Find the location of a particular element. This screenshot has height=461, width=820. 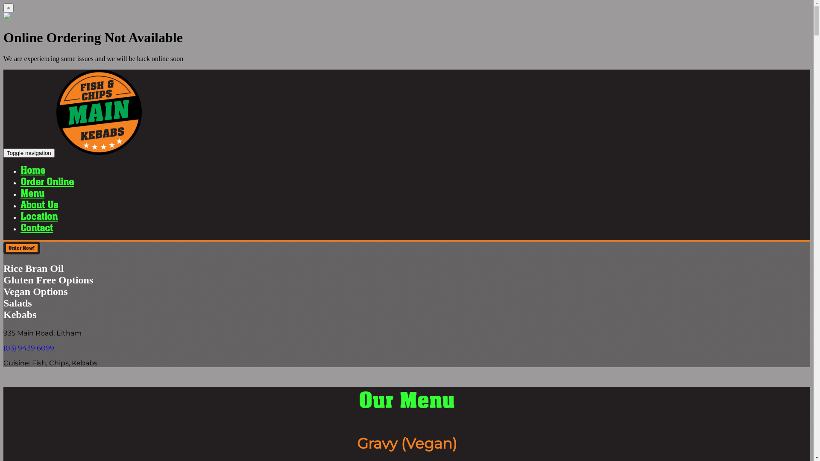

'Contact' is located at coordinates (20, 227).